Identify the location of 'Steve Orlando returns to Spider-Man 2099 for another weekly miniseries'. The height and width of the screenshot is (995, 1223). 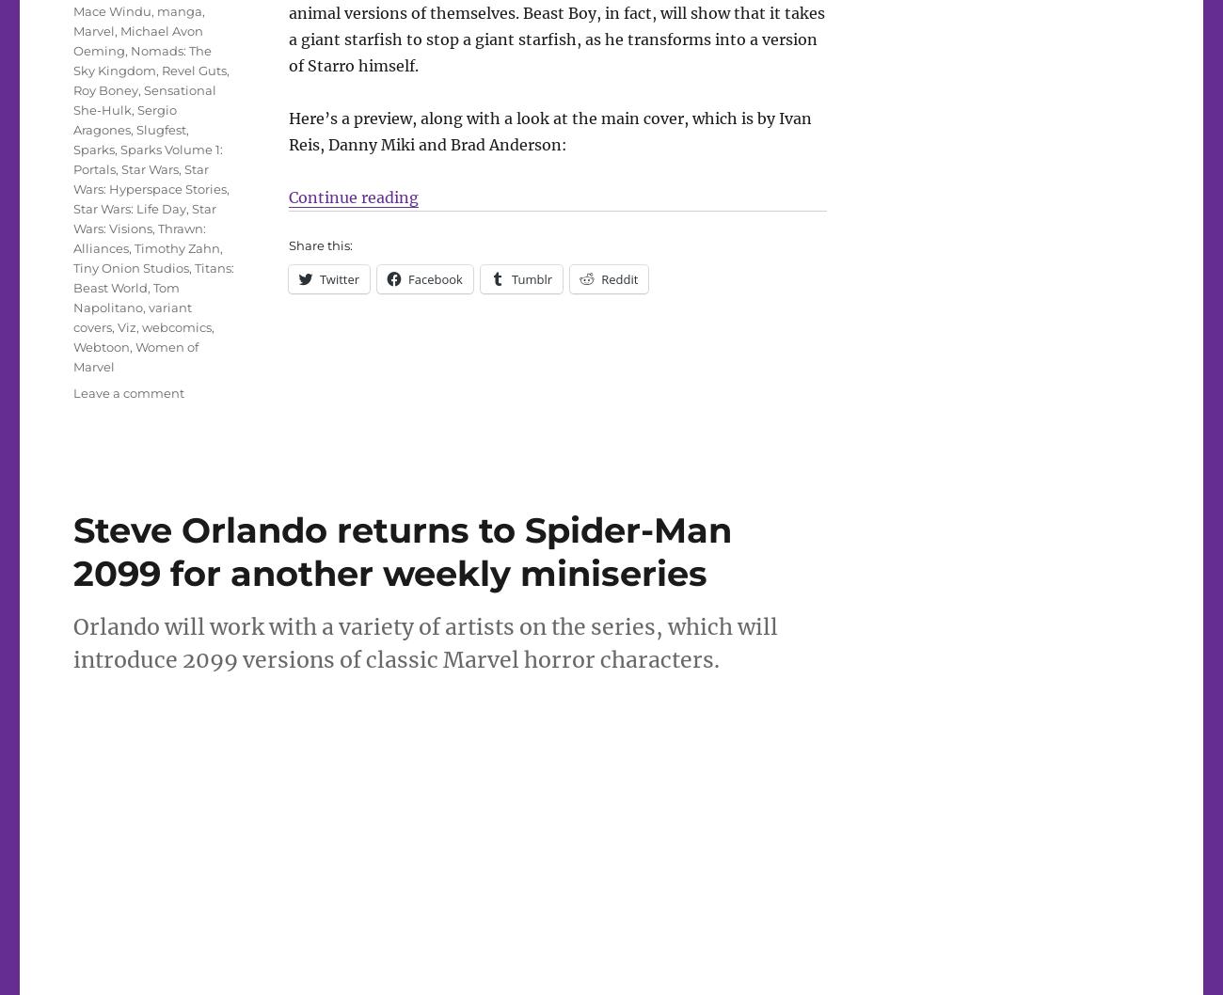
(402, 551).